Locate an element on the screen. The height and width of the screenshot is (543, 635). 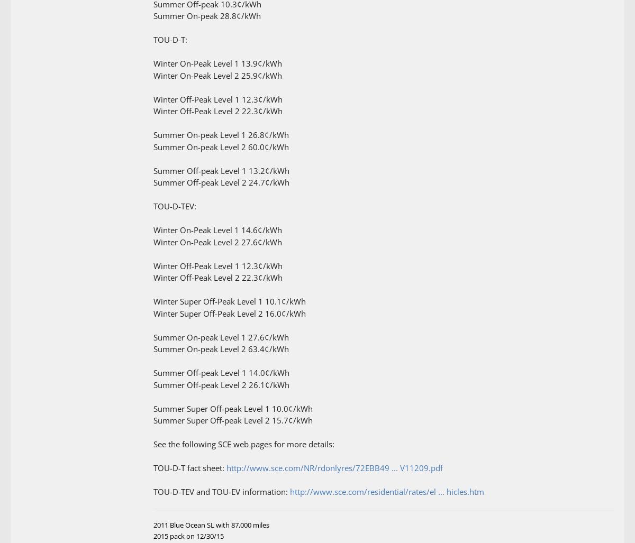
'Summer Off-peak Level 2 24.7¢/kWh' is located at coordinates (153, 182).